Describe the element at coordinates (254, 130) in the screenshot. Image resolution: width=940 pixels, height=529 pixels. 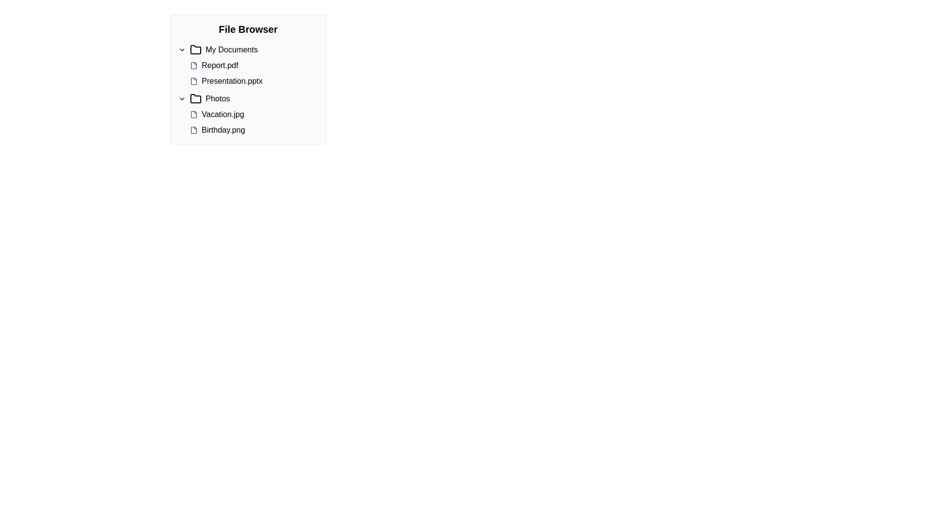
I see `on the list item representing the file 'Birthday.png' located as the second entry under the 'Photos' folder in the file browser interface` at that location.